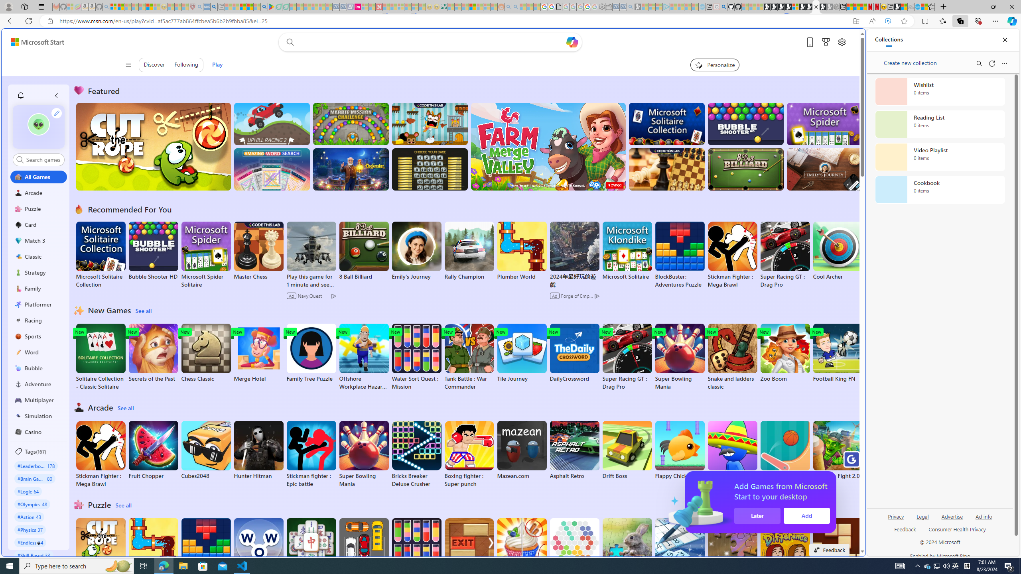 Image resolution: width=1021 pixels, height=574 pixels. Describe the element at coordinates (597, 296) in the screenshot. I see `'Class: ad-choice  ad-choice-mono '` at that location.